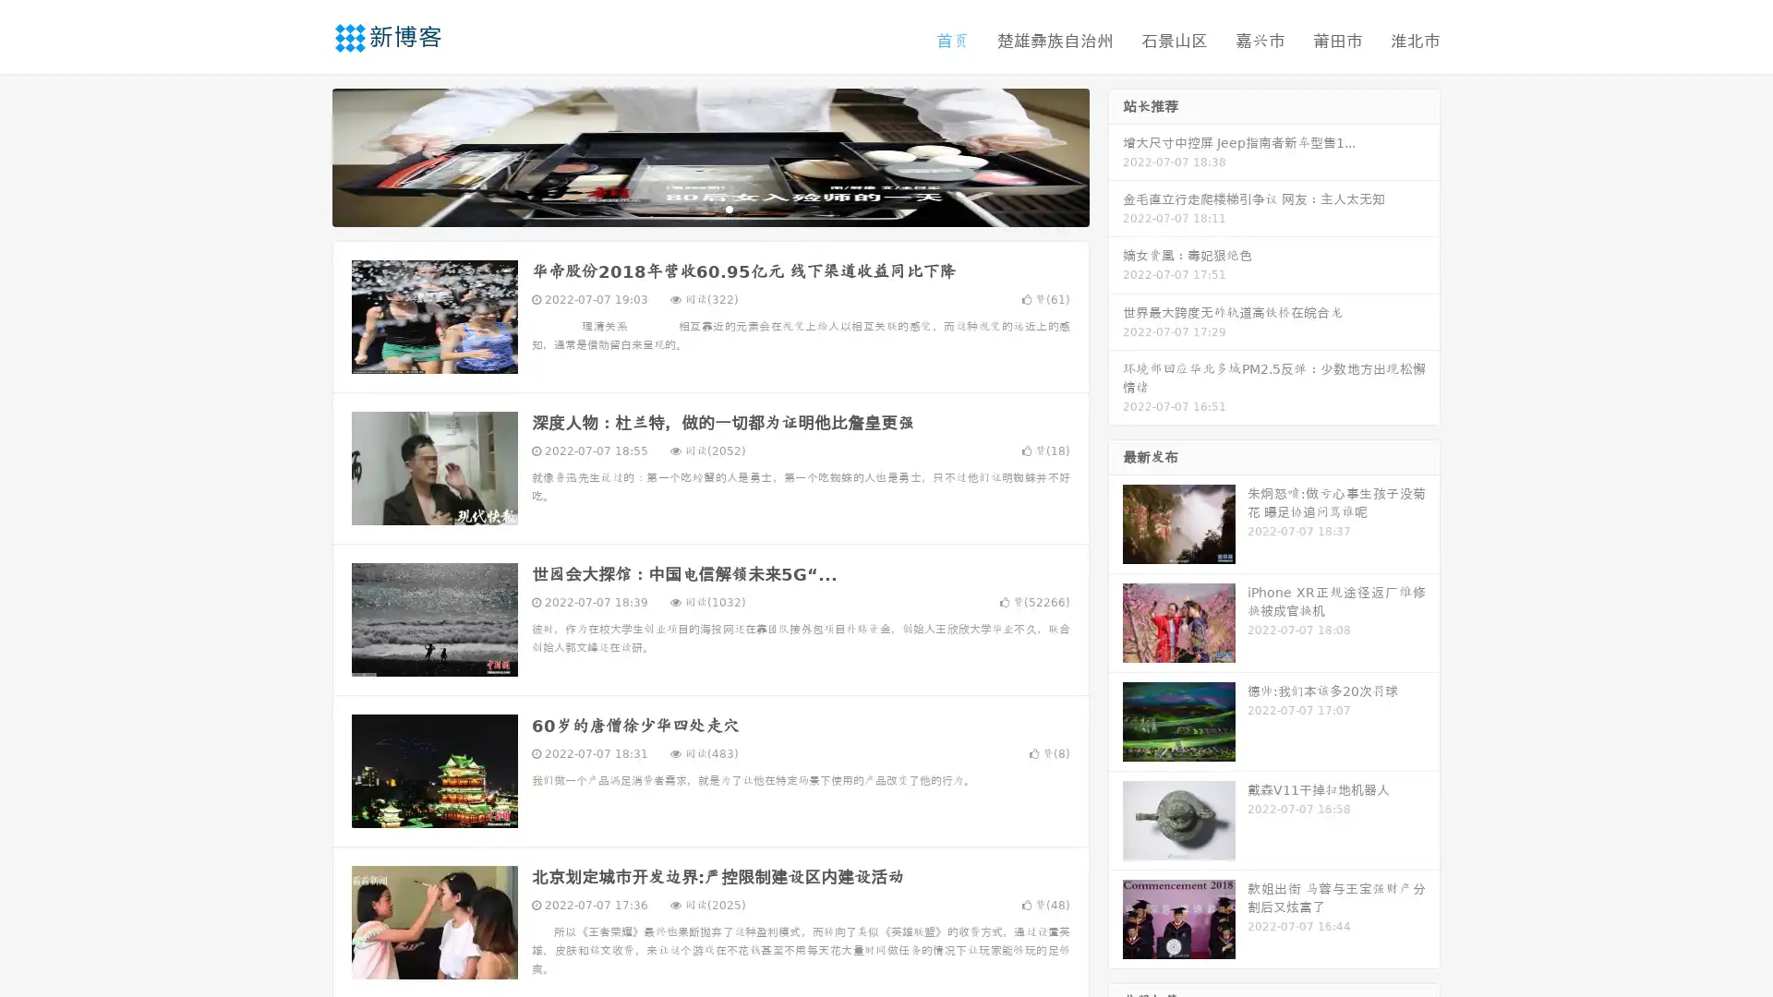 Image resolution: width=1773 pixels, height=997 pixels. I want to click on Go to slide 2, so click(709, 208).